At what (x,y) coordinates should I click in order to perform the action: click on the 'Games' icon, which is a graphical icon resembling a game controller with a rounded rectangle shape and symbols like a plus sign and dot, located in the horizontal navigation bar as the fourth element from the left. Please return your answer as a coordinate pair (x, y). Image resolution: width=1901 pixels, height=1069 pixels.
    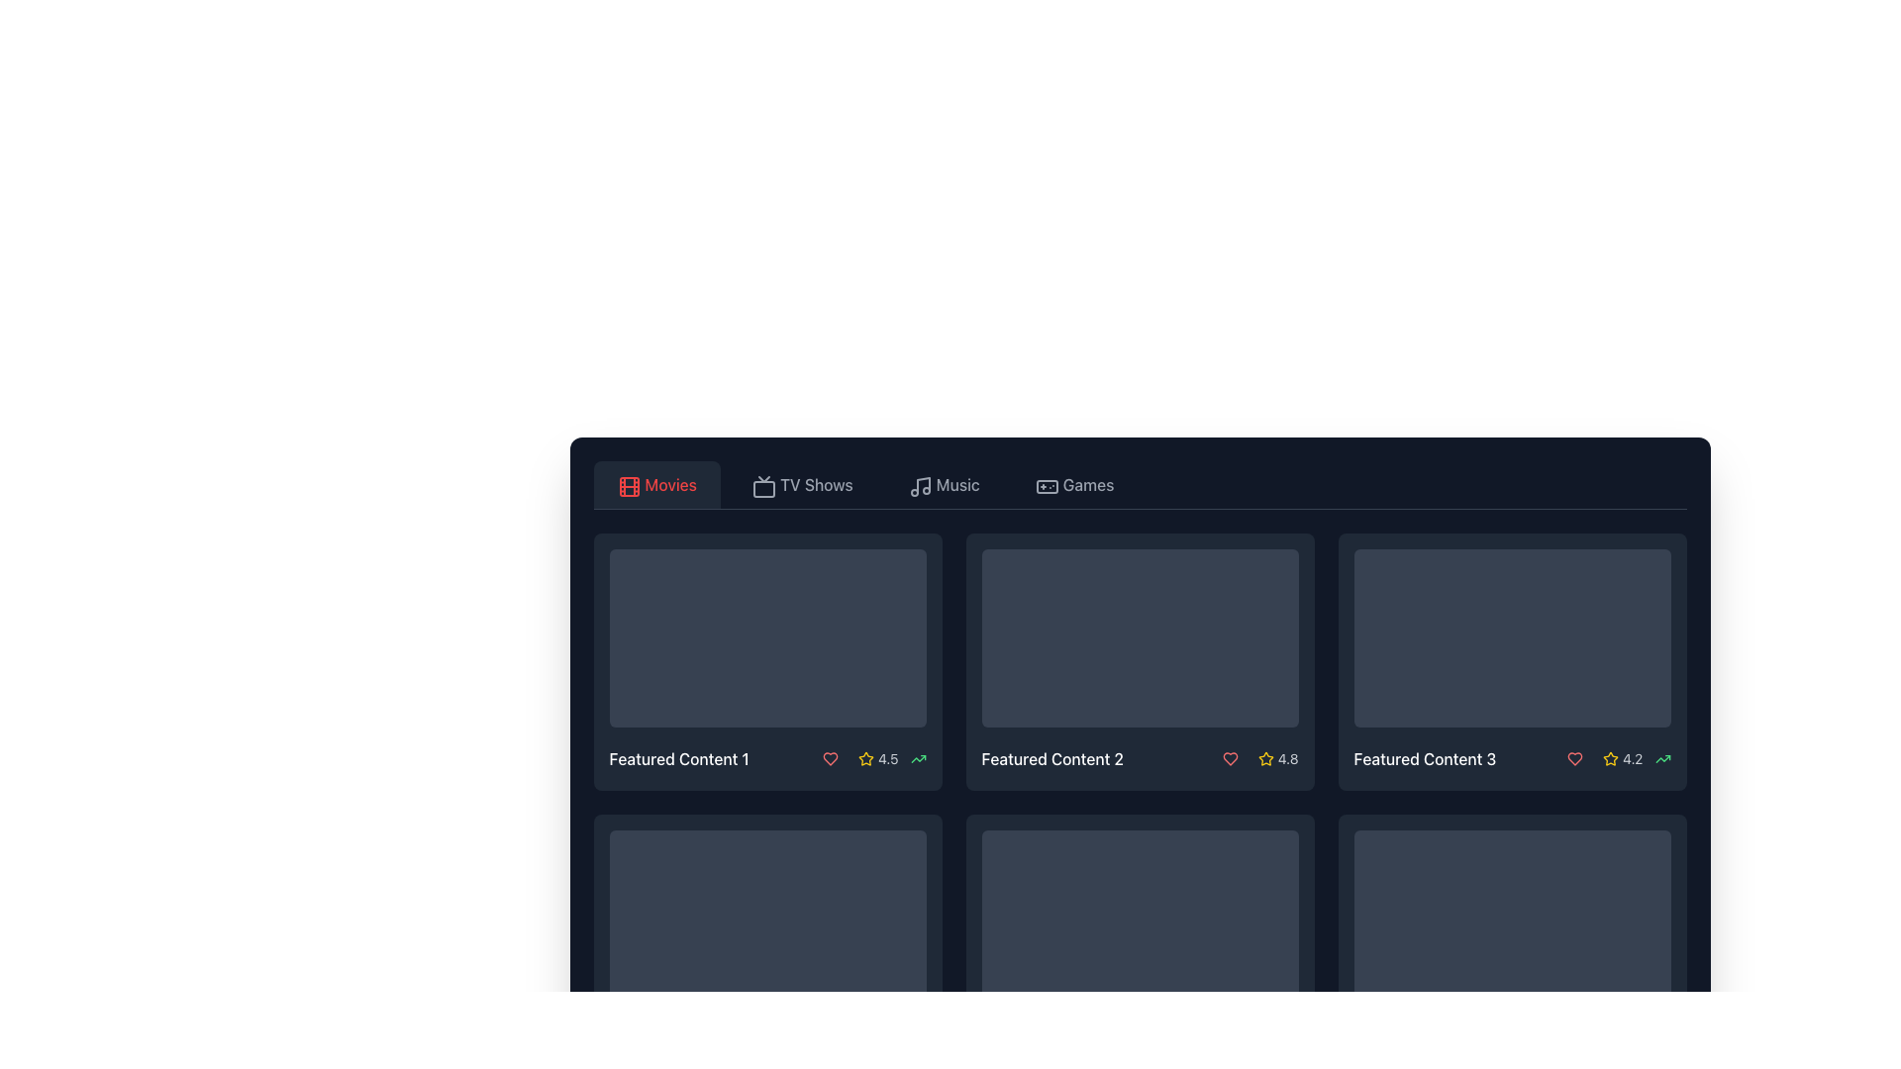
    Looking at the image, I should click on (1046, 487).